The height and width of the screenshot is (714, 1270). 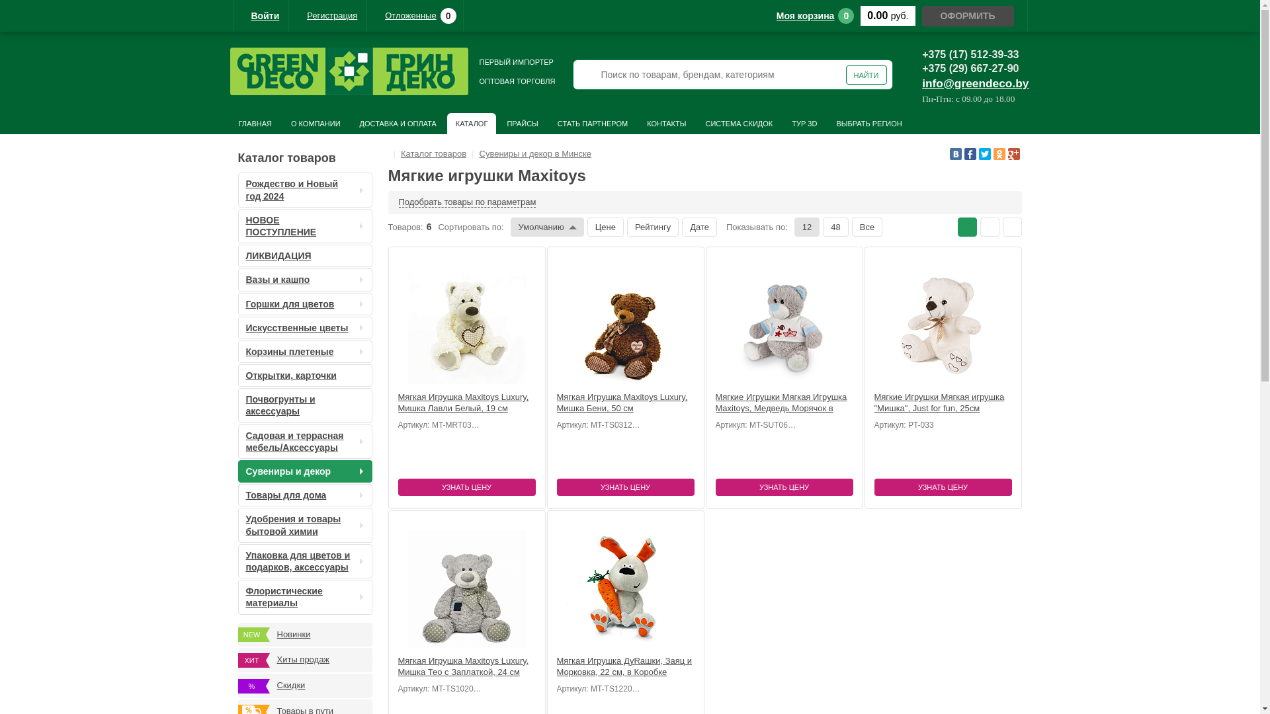 I want to click on '12', so click(x=806, y=226).